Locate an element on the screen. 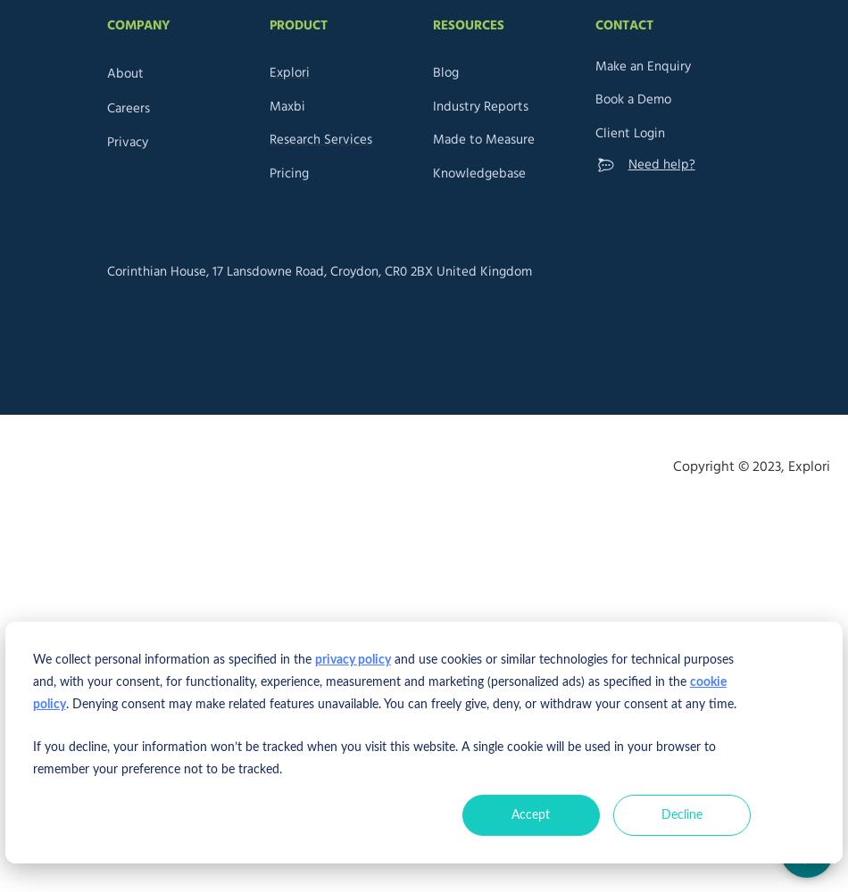 The image size is (848, 892). 'CONTACT' is located at coordinates (624, 25).